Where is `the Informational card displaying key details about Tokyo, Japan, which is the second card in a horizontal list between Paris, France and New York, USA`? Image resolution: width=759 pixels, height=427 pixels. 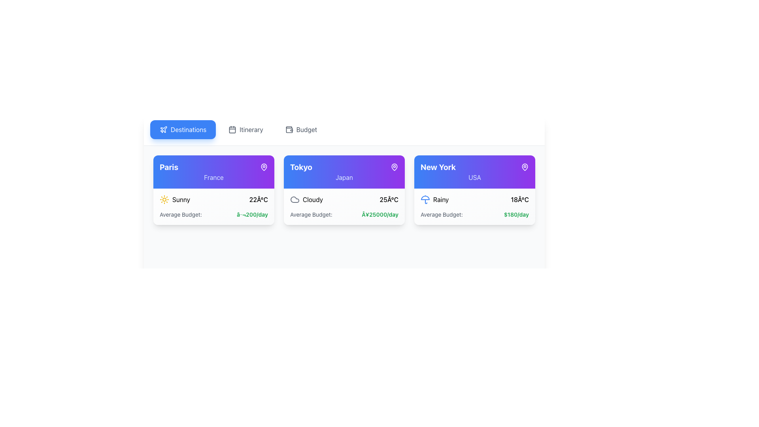
the Informational card displaying key details about Tokyo, Japan, which is the second card in a horizontal list between Paris, France and New York, USA is located at coordinates (344, 190).